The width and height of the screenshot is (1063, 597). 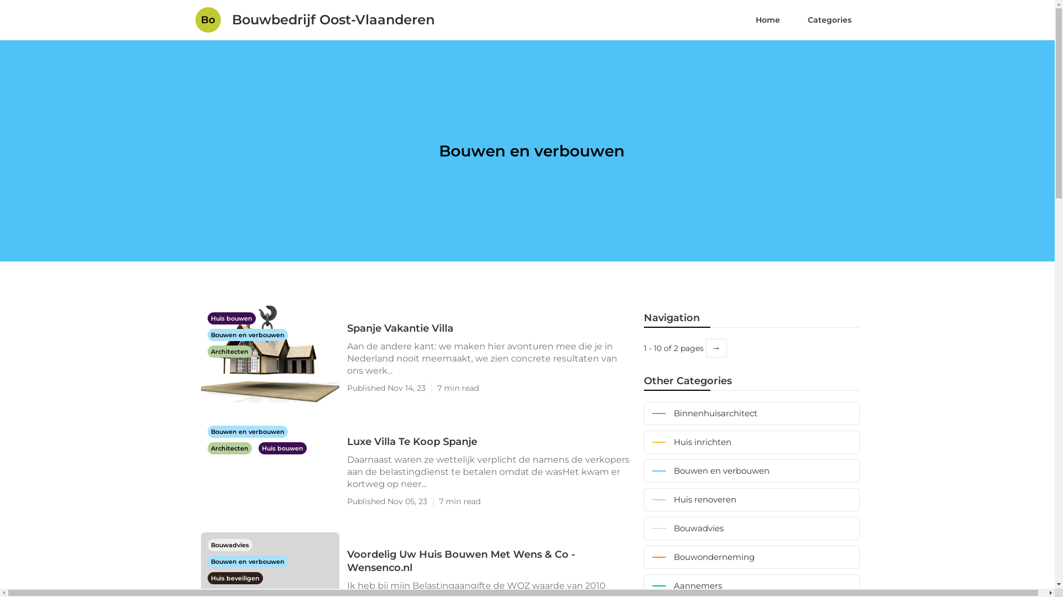 I want to click on 'Bouwonderneming', so click(x=751, y=557).